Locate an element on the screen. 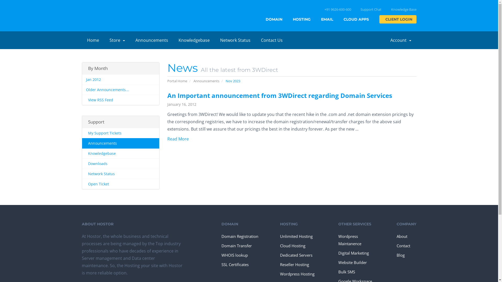 The image size is (502, 282). '  Network Status' is located at coordinates (120, 174).